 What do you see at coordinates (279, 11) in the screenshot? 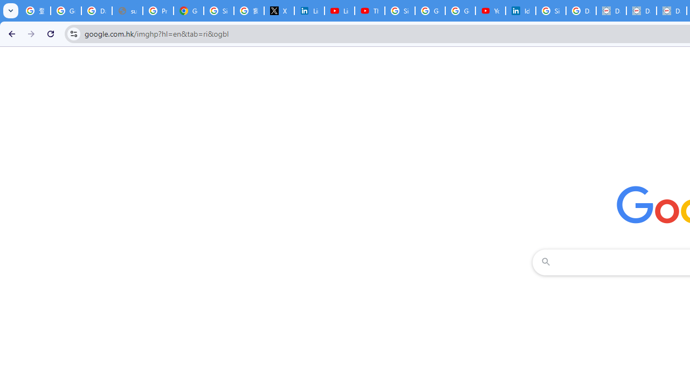
I see `'X'` at bounding box center [279, 11].